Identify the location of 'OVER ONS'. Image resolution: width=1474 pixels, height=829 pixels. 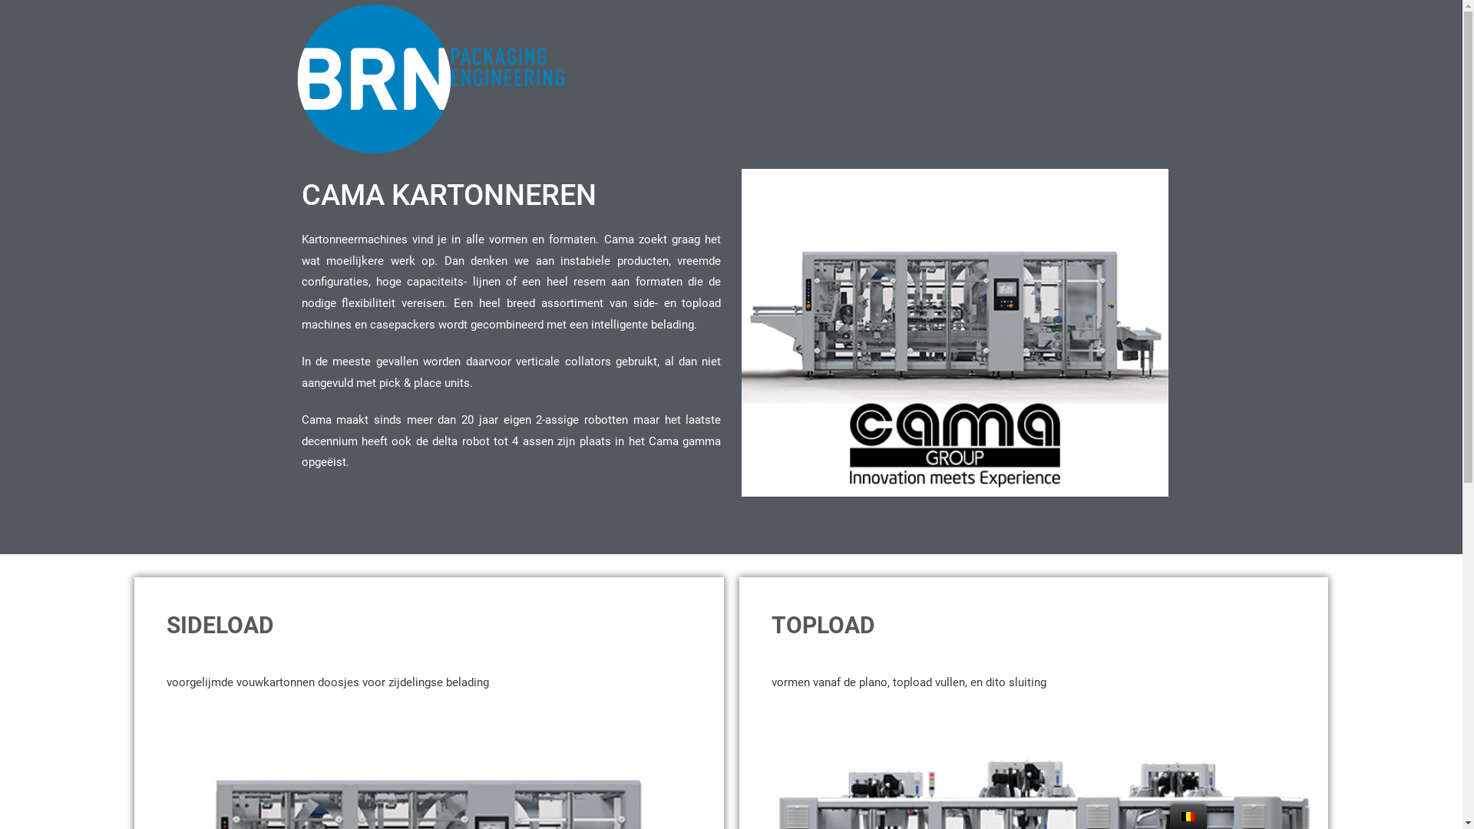
(1025, 55).